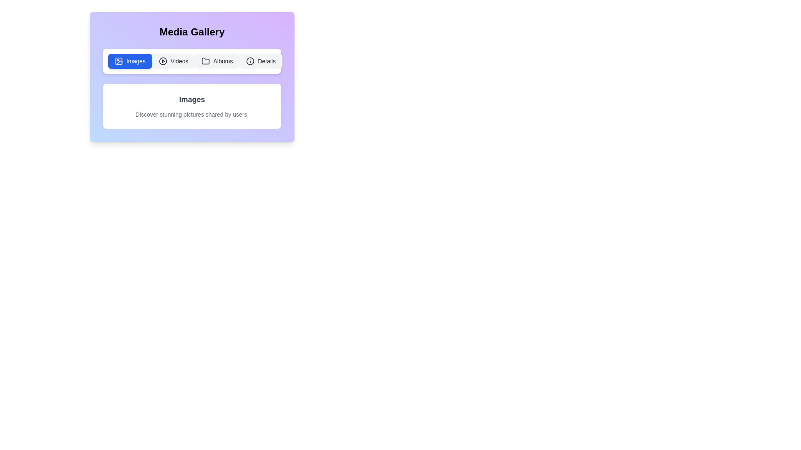 This screenshot has height=450, width=801. Describe the element at coordinates (260, 60) in the screenshot. I see `the Details tab by clicking on its respective button` at that location.